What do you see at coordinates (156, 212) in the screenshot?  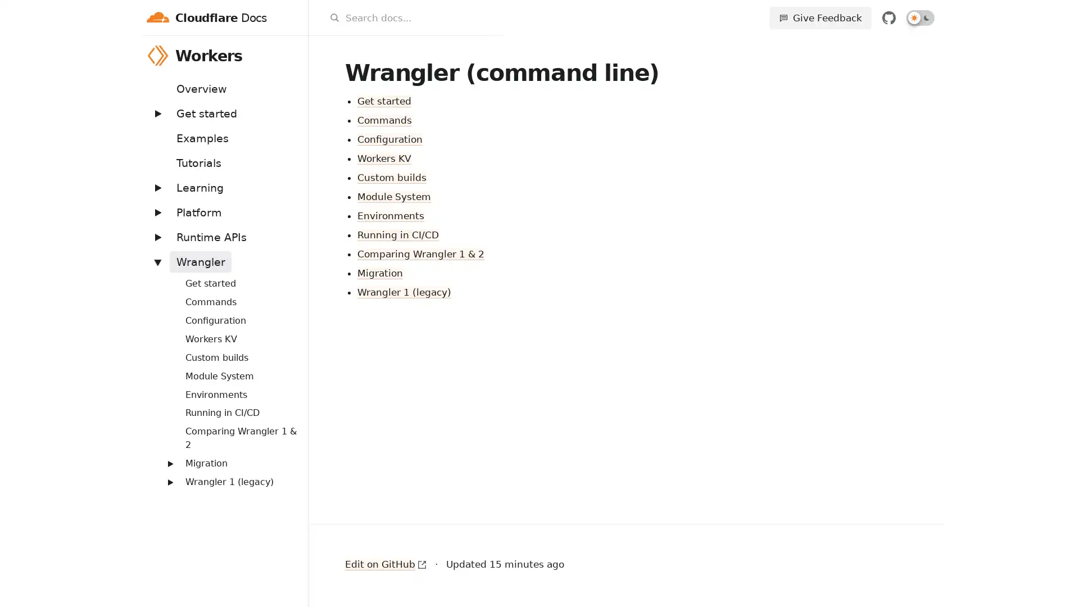 I see `Expand: Platform` at bounding box center [156, 212].